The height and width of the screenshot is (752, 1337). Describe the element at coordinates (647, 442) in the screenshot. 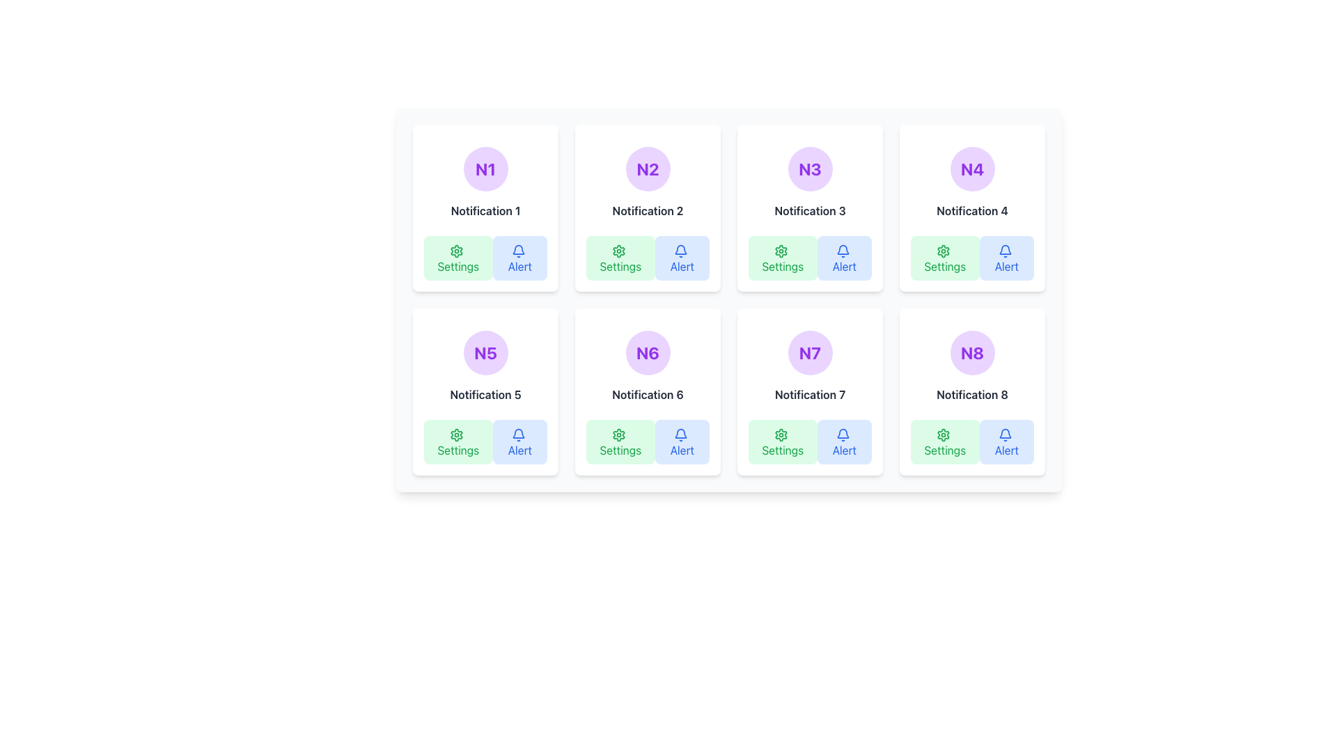

I see `the first button in the row of two buttons within the 'Notification 6' card` at that location.